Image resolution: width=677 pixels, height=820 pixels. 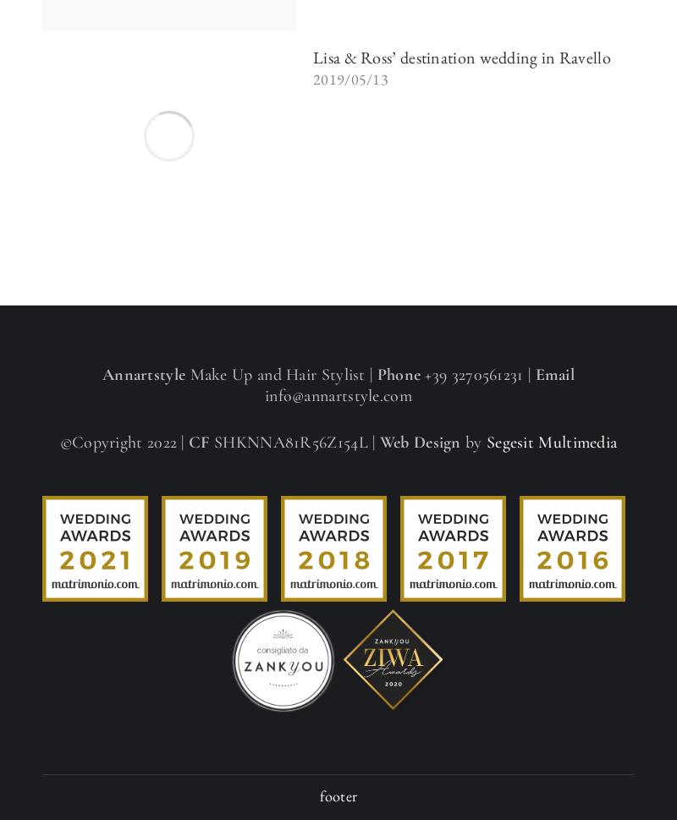 What do you see at coordinates (376, 375) in the screenshot?
I see `'Phone'` at bounding box center [376, 375].